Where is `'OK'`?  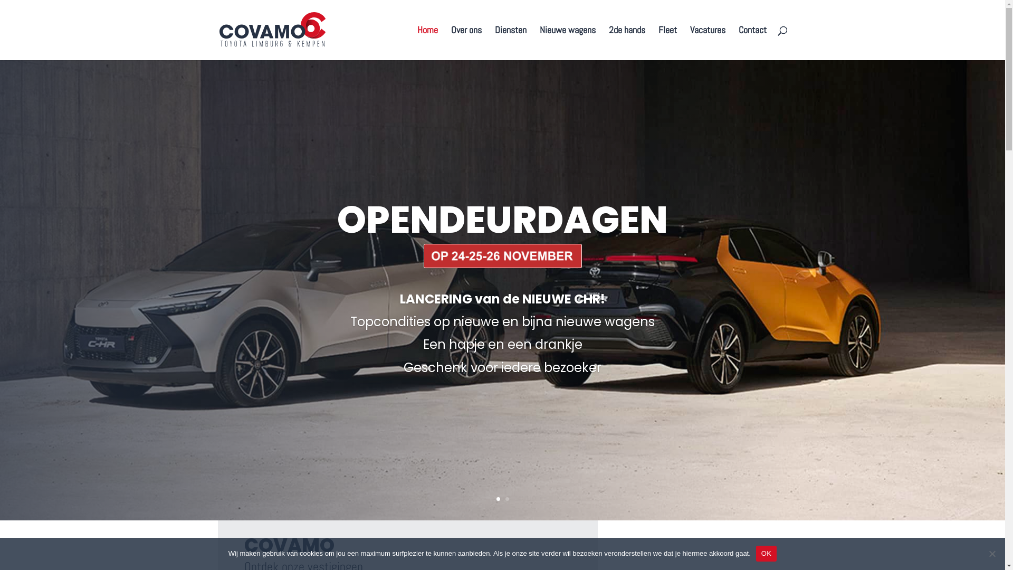
'OK' is located at coordinates (766, 553).